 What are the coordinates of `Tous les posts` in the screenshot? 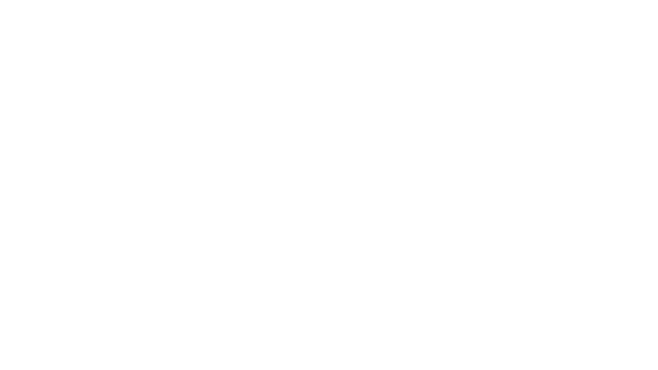 It's located at (185, 57).